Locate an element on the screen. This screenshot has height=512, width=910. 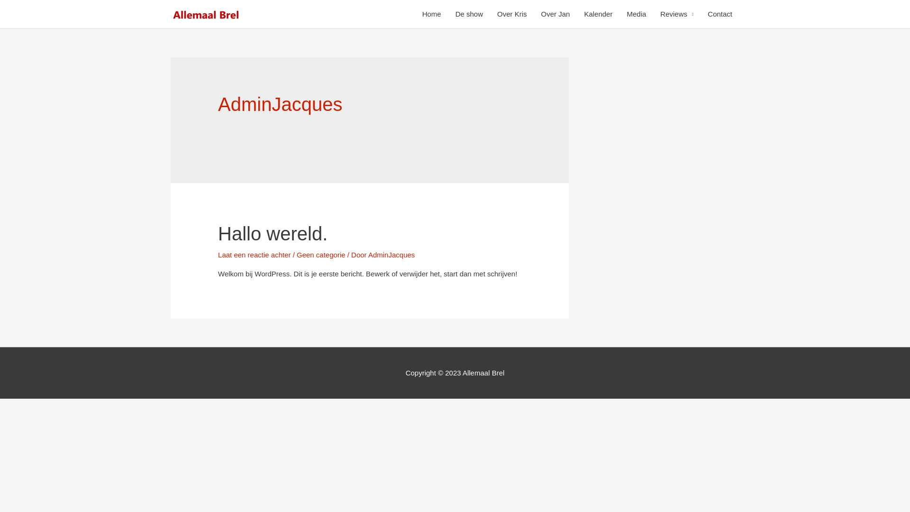
'Contact' is located at coordinates (719, 14).